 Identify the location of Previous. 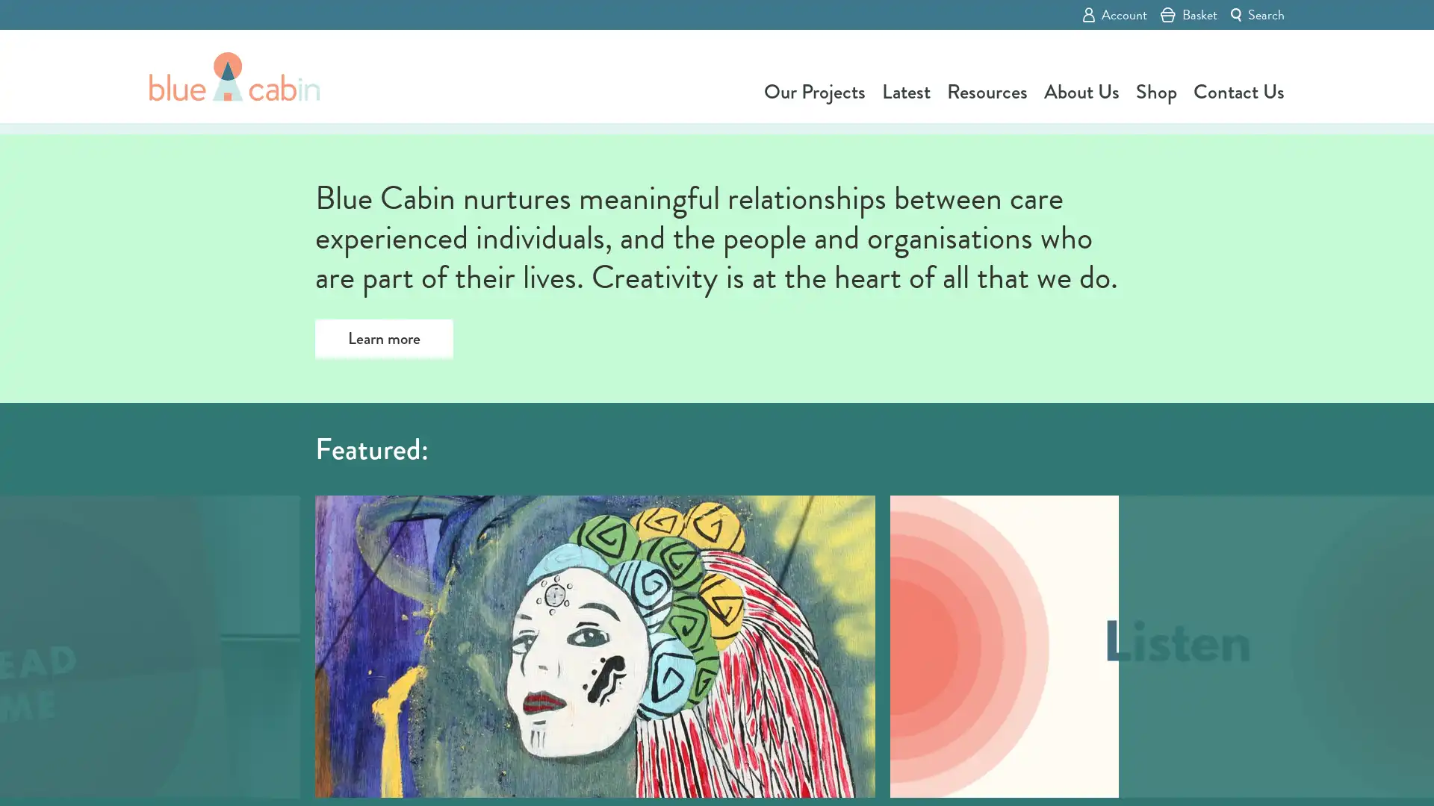
(285, 710).